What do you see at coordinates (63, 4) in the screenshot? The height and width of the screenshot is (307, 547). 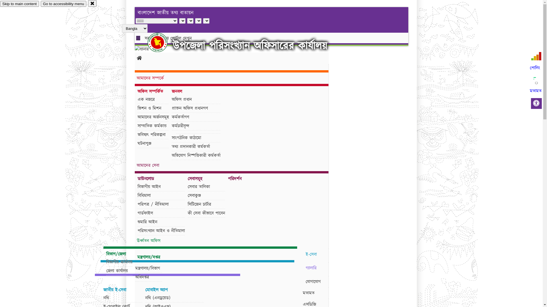 I see `'Go to accessibility menu'` at bounding box center [63, 4].